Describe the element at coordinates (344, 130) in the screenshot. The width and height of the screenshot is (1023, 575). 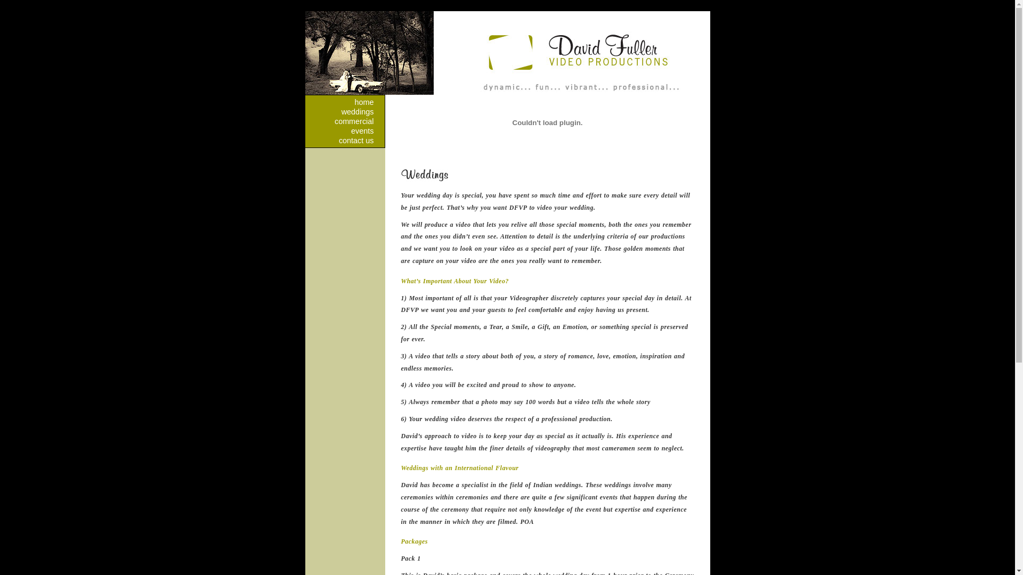
I see `'events'` at that location.